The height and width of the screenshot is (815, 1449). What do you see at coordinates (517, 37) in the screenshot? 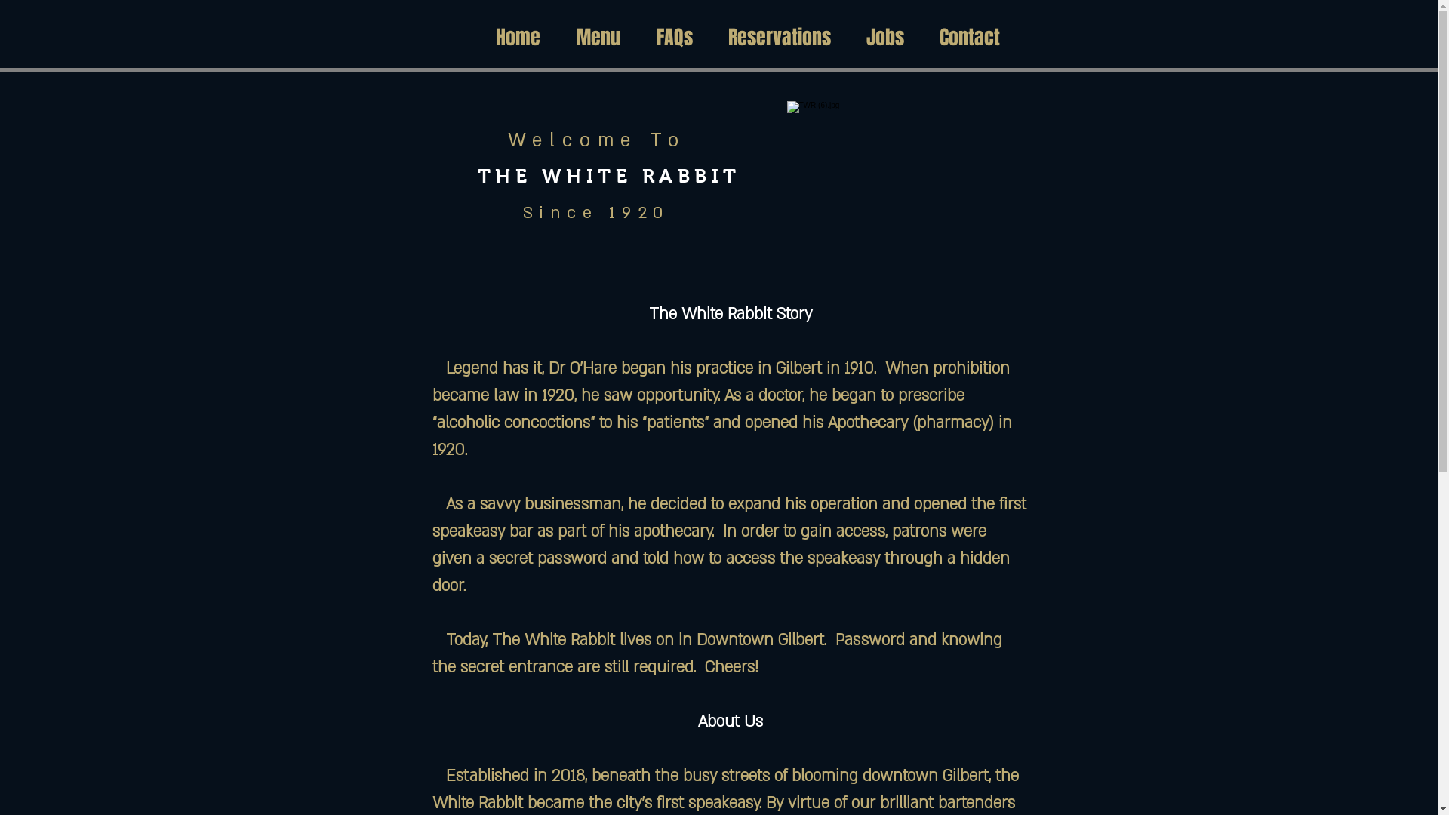
I see `'Home'` at bounding box center [517, 37].